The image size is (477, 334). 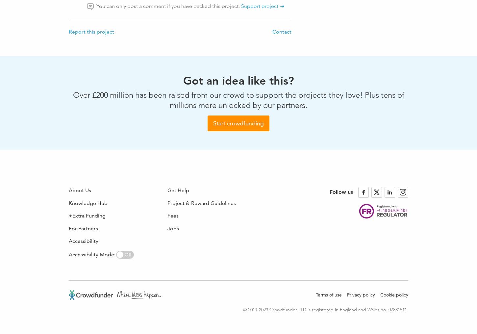 I want to click on 'Accessibility Mode:', so click(x=92, y=254).